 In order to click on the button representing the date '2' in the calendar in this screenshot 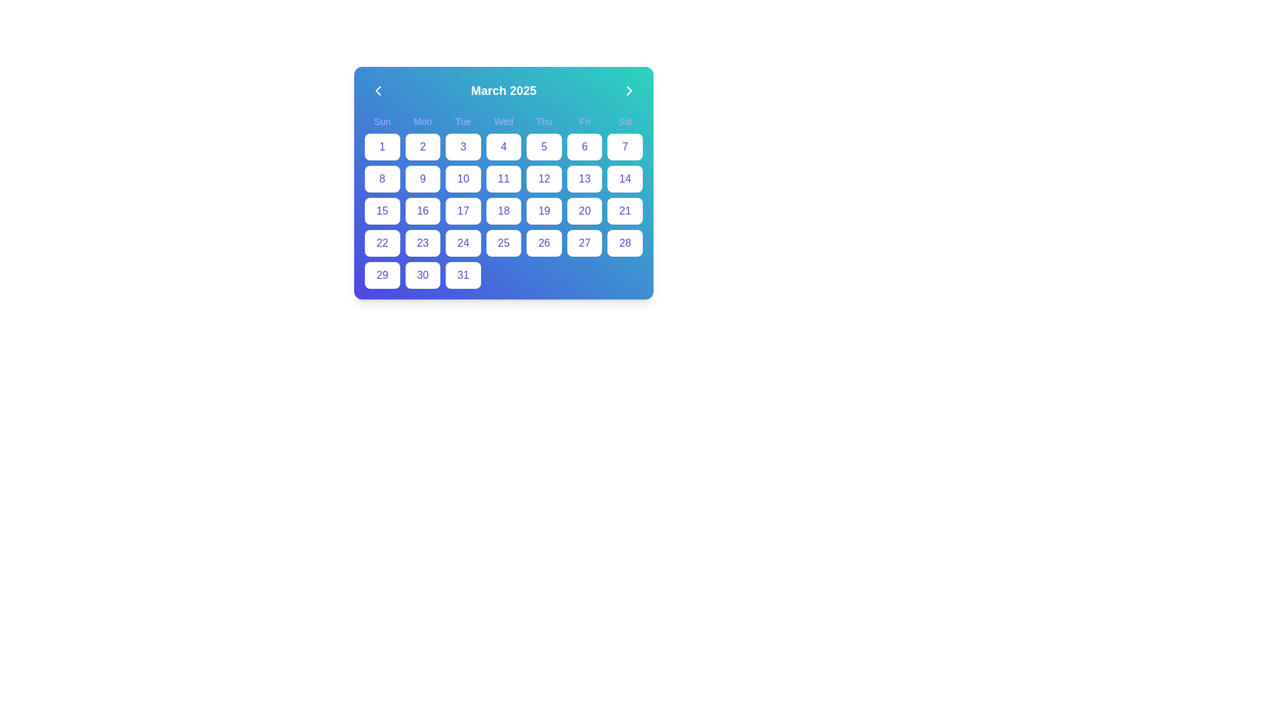, I will do `click(422, 146)`.